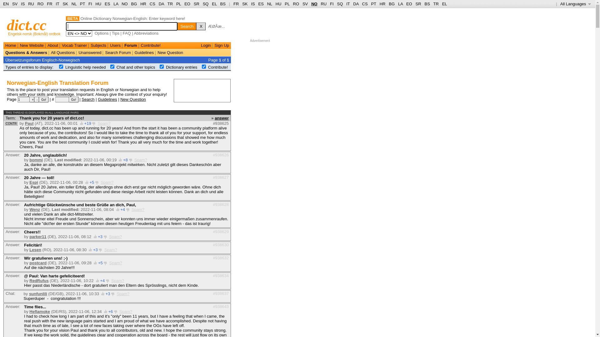 The height and width of the screenshot is (337, 600). What do you see at coordinates (222, 45) in the screenshot?
I see `'Sign Up'` at bounding box center [222, 45].